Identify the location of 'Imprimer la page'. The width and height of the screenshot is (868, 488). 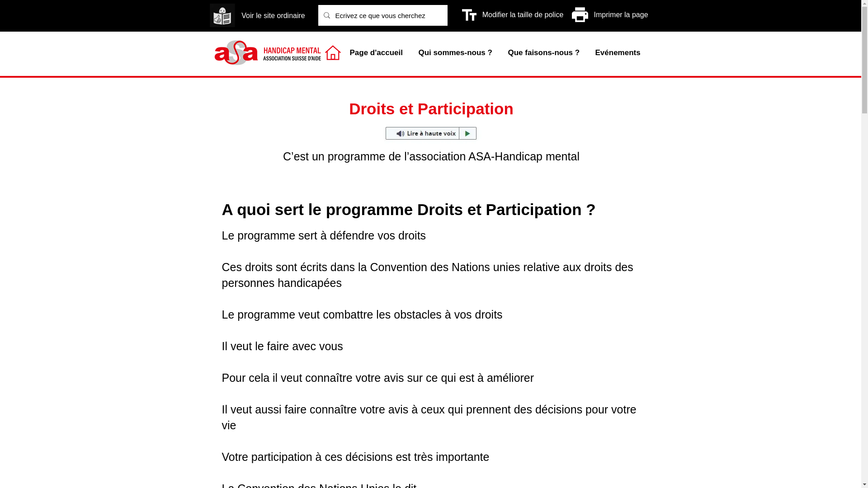
(620, 15).